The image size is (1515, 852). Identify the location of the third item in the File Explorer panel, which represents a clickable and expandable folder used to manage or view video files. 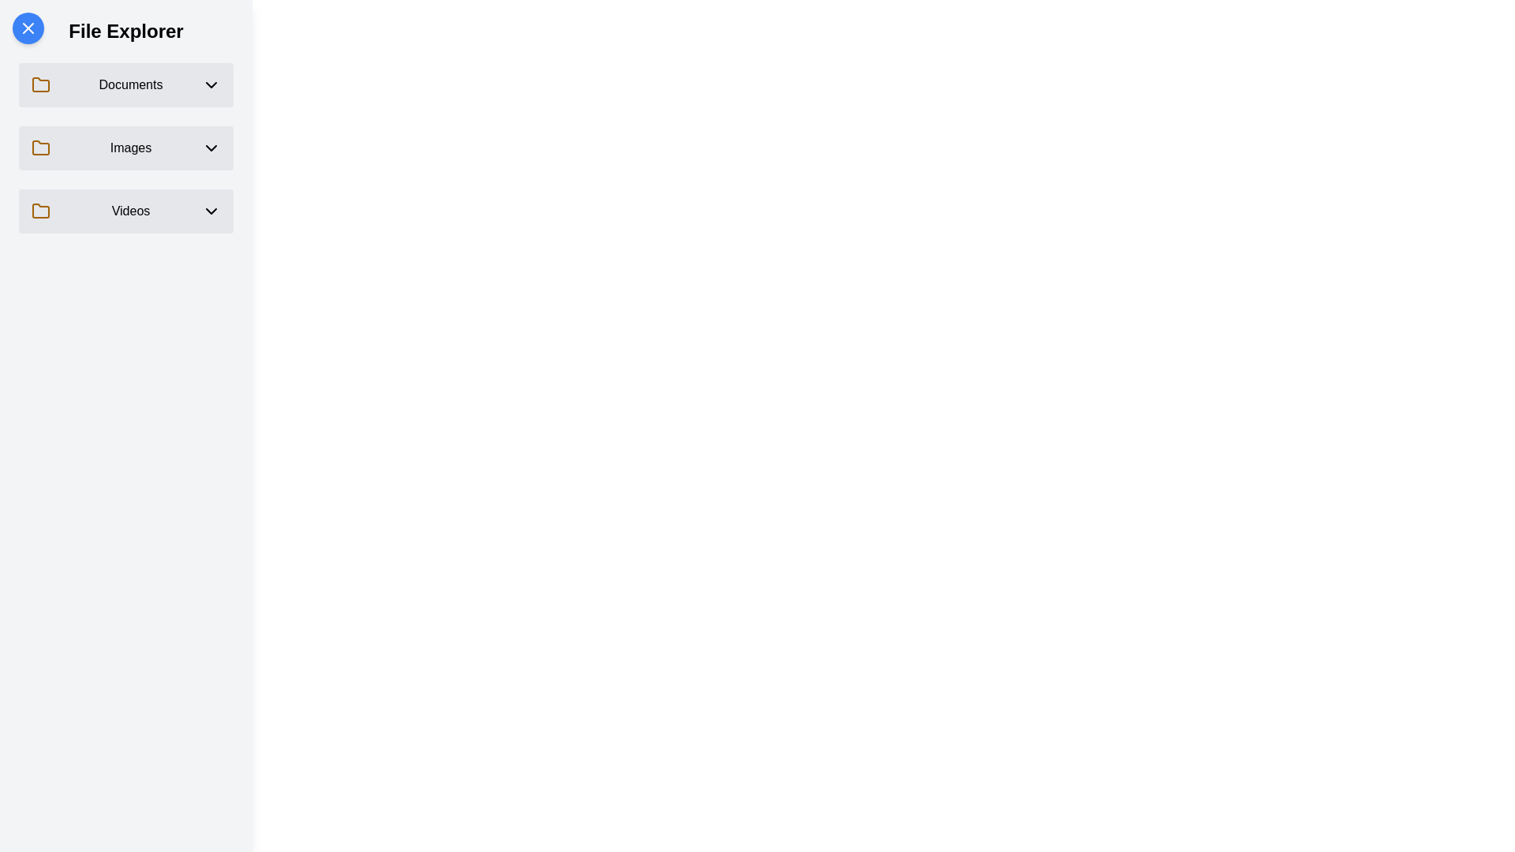
(125, 210).